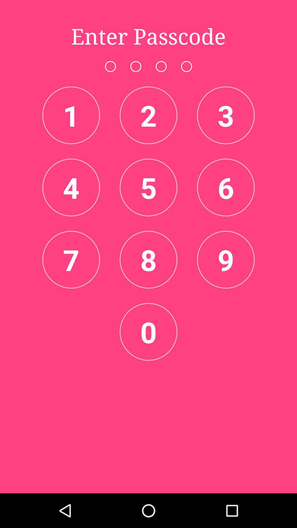 The width and height of the screenshot is (297, 528). Describe the element at coordinates (226, 187) in the screenshot. I see `the number  which is after five` at that location.